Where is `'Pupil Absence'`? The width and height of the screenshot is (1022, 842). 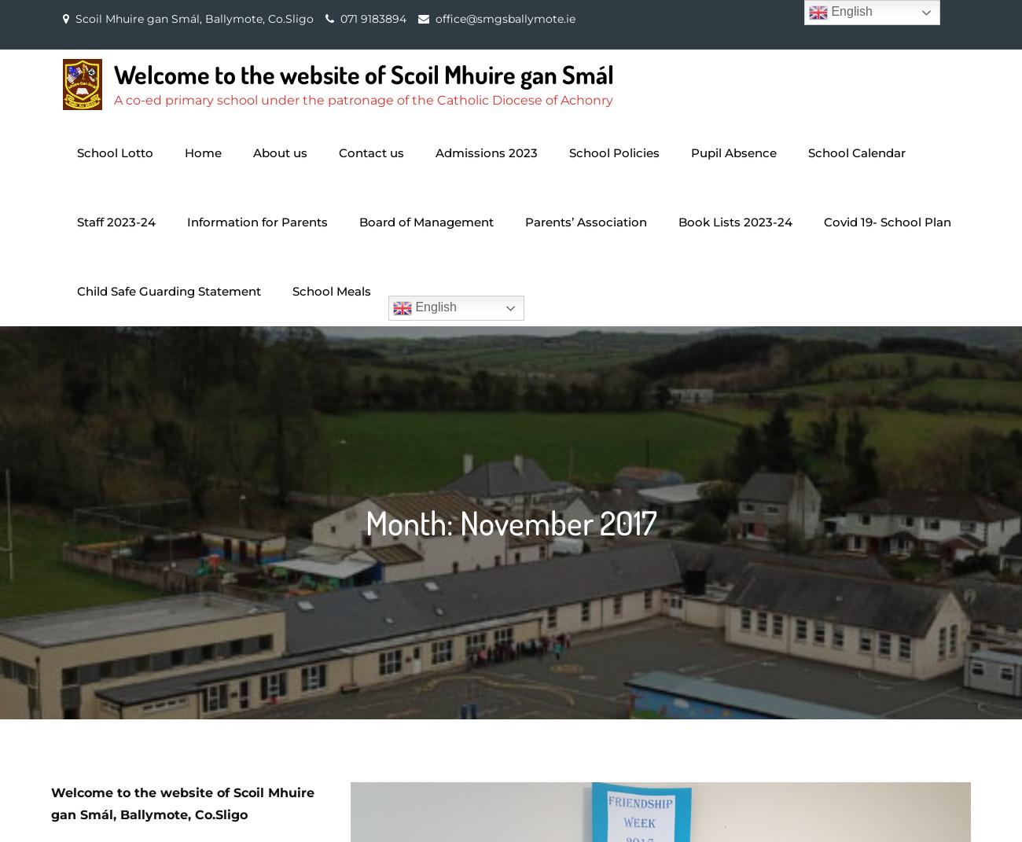 'Pupil Absence' is located at coordinates (733, 152).